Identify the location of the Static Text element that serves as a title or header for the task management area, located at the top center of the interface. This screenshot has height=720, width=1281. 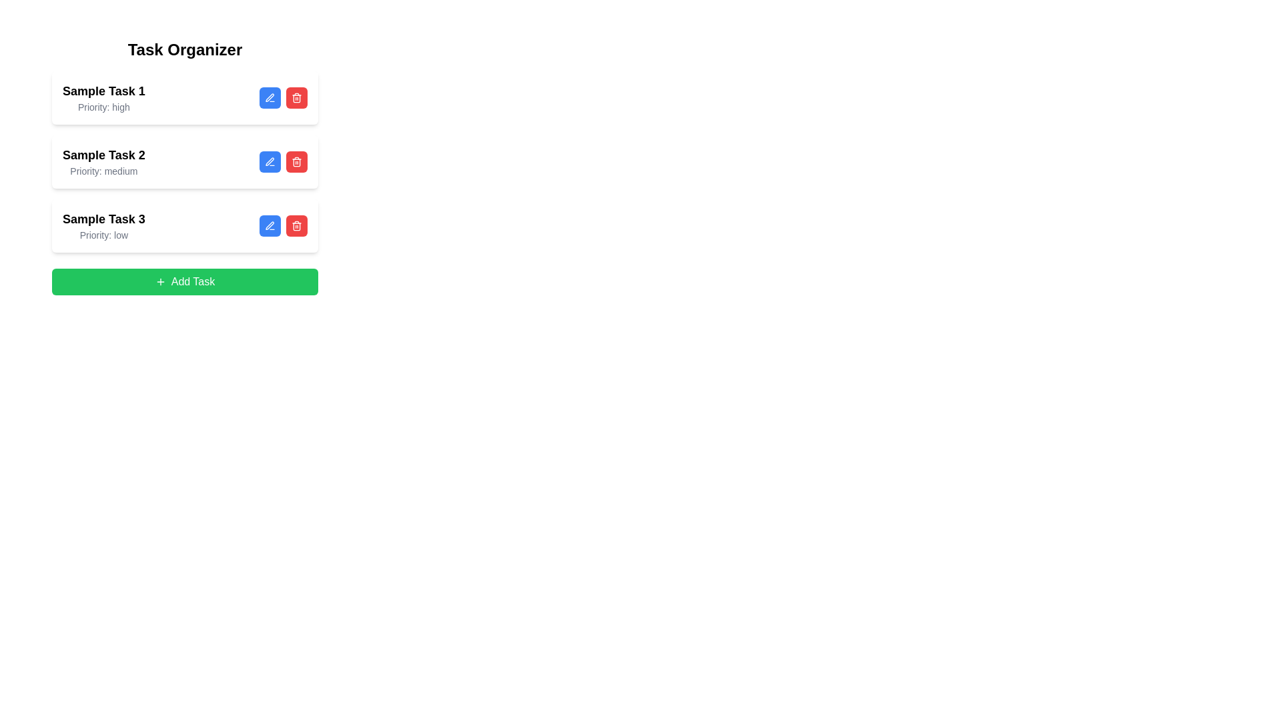
(184, 49).